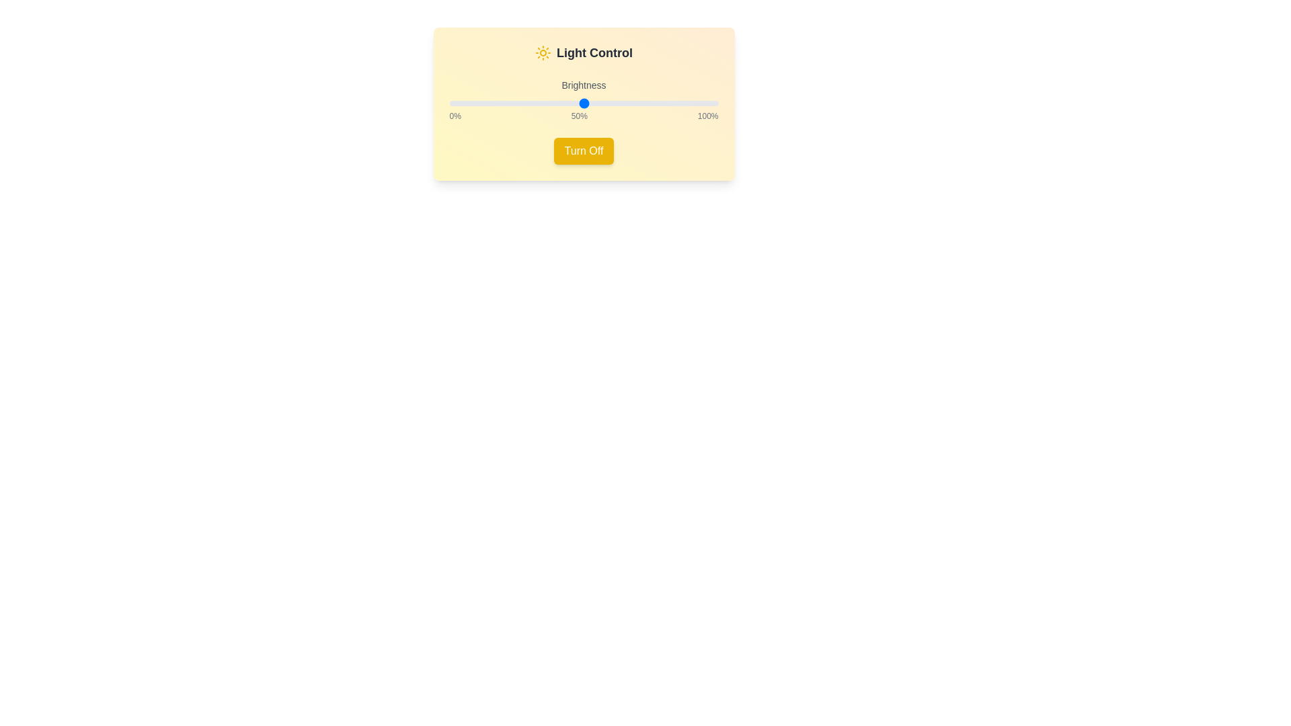 This screenshot has width=1291, height=726. Describe the element at coordinates (637, 103) in the screenshot. I see `brightness` at that location.